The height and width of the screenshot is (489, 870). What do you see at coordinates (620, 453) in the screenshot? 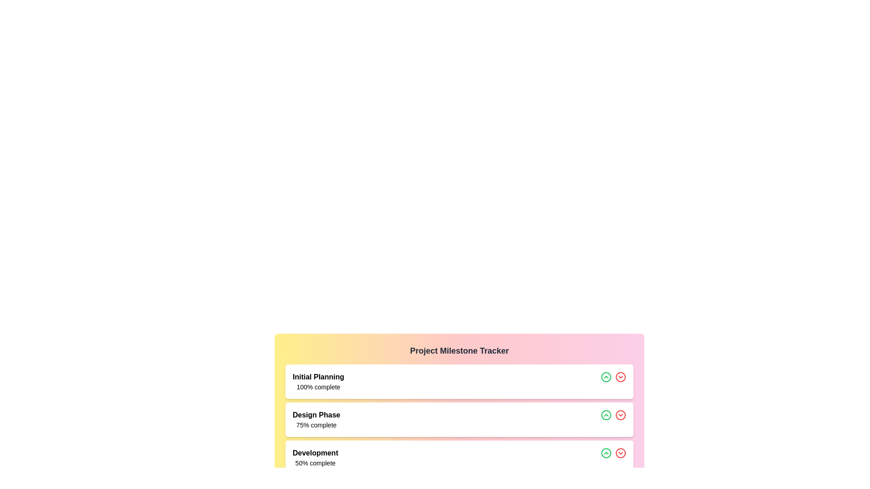
I see `the downward action icon located in the second position of a vertical sequence of two icons within the red and green icon pair at the bottom of the 'Development' progress row` at bounding box center [620, 453].